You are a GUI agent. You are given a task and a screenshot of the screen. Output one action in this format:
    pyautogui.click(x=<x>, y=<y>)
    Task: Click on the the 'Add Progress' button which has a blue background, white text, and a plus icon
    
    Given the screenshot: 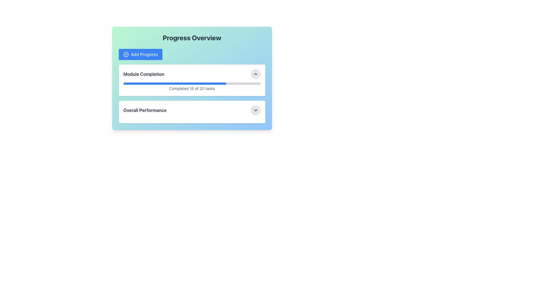 What is the action you would take?
    pyautogui.click(x=140, y=54)
    